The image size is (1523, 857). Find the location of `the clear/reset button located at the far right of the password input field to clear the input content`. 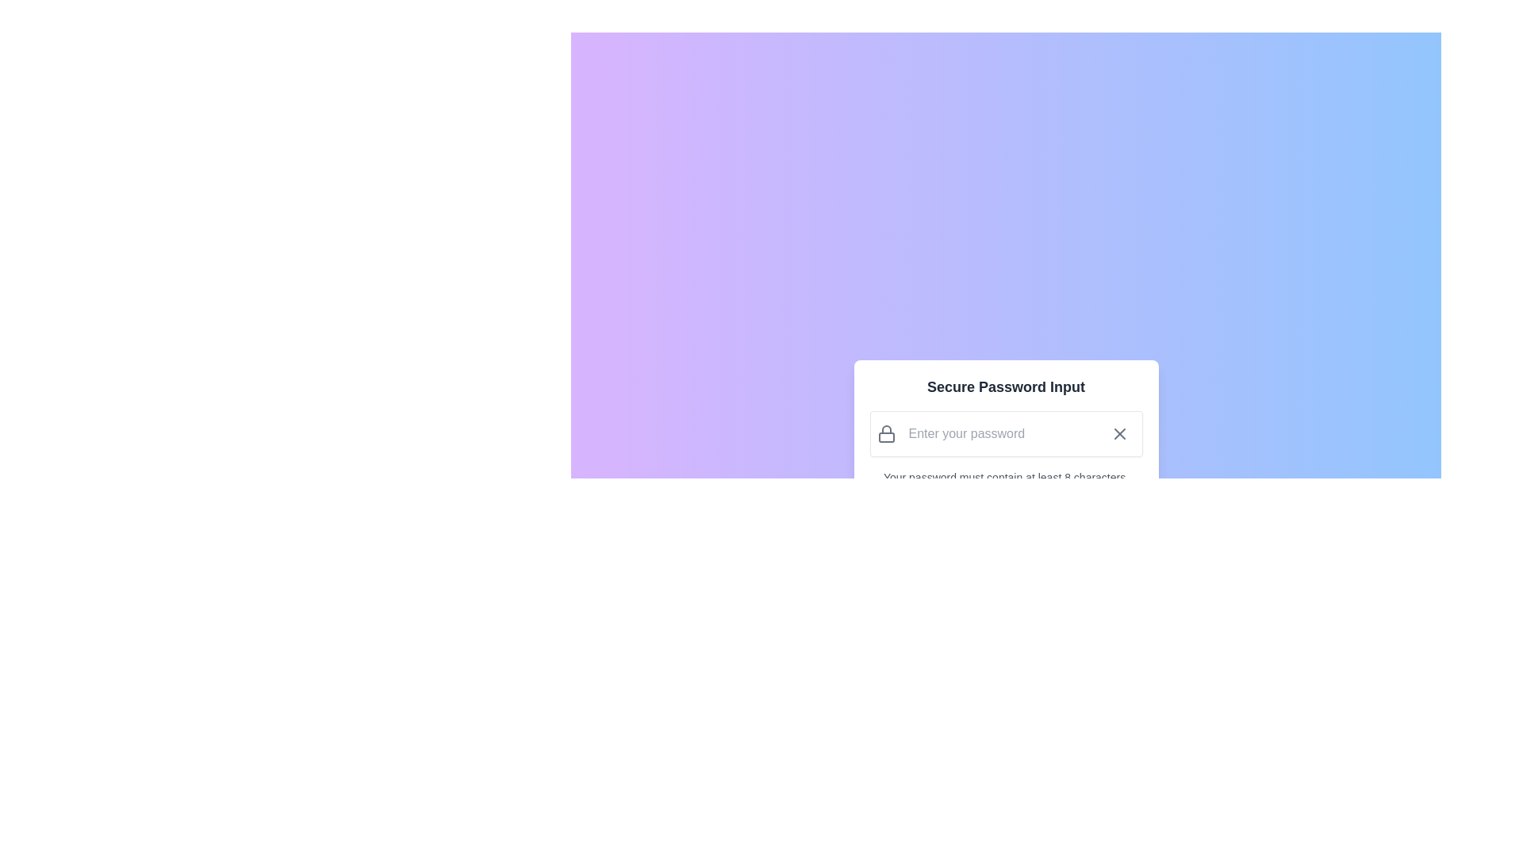

the clear/reset button located at the far right of the password input field to clear the input content is located at coordinates (1118, 434).